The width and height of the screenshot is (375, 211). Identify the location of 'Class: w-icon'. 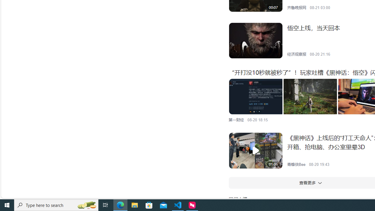
(319, 182).